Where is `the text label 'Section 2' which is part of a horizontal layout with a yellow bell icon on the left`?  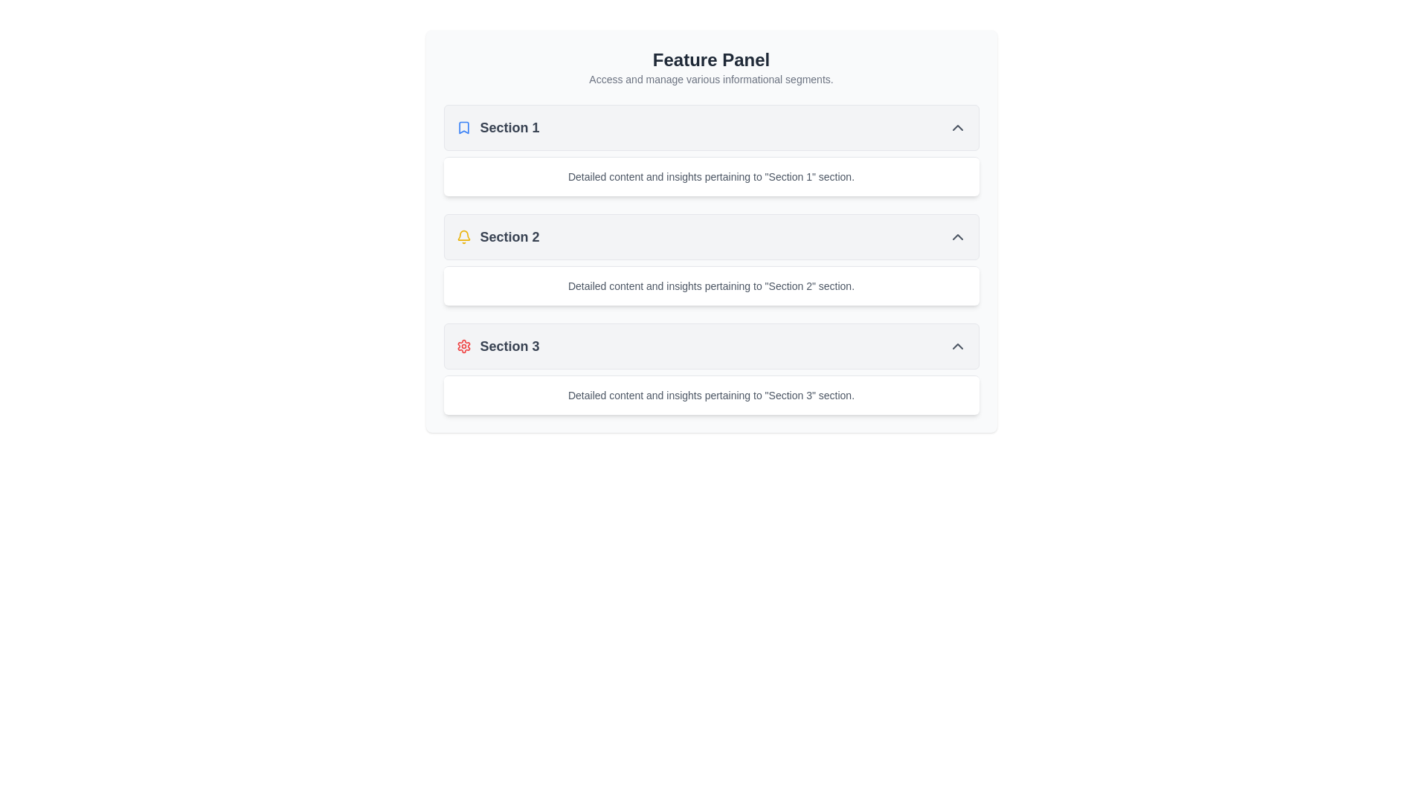
the text label 'Section 2' which is part of a horizontal layout with a yellow bell icon on the left is located at coordinates (498, 236).